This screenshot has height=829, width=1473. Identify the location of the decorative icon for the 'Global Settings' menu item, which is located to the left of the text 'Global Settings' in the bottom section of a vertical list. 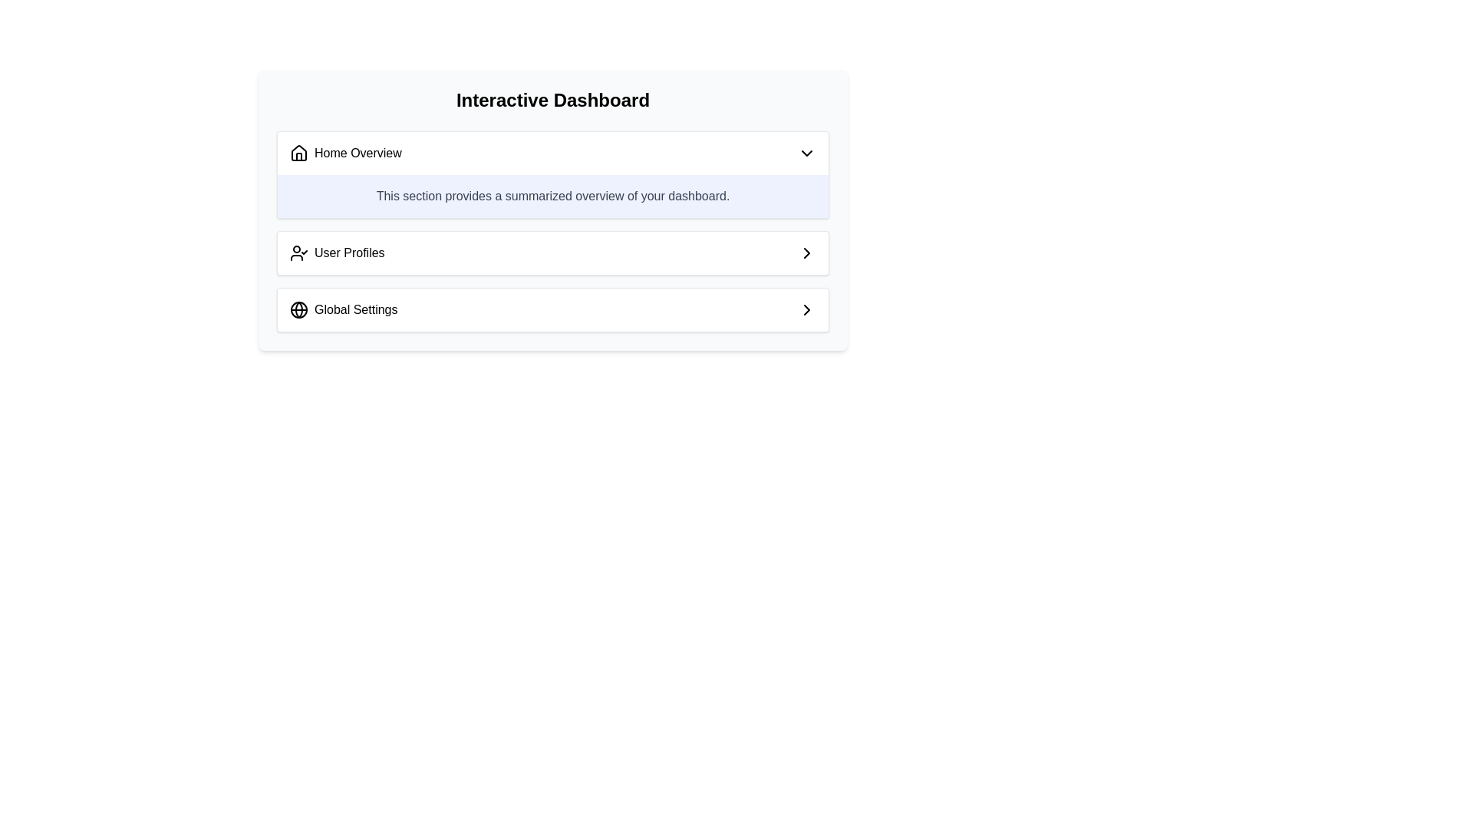
(298, 310).